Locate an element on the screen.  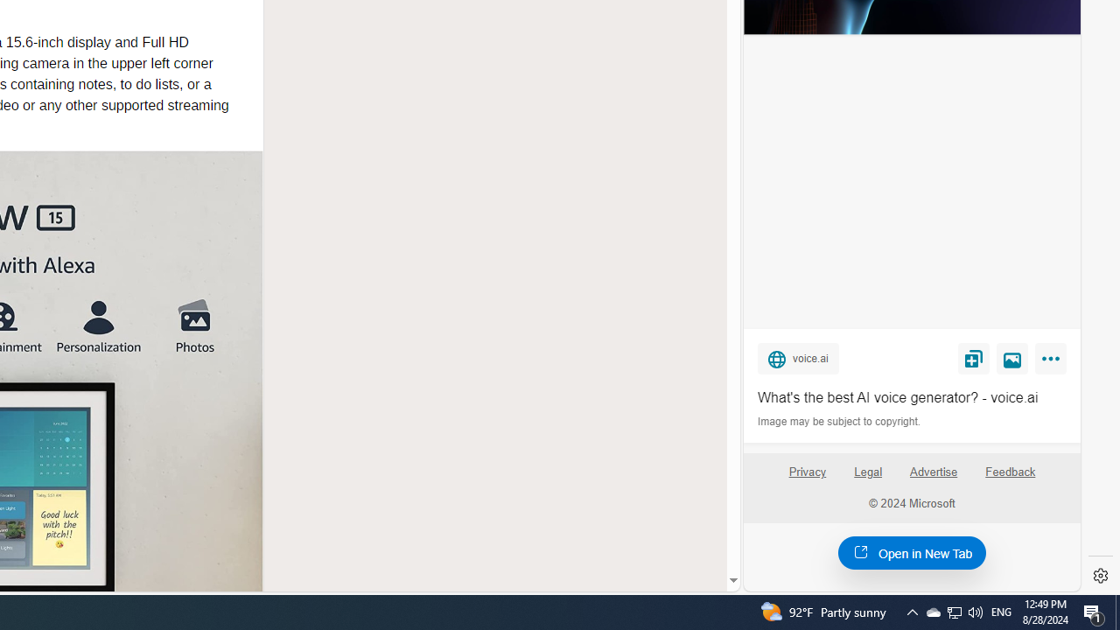
'Save' is located at coordinates (972, 357).